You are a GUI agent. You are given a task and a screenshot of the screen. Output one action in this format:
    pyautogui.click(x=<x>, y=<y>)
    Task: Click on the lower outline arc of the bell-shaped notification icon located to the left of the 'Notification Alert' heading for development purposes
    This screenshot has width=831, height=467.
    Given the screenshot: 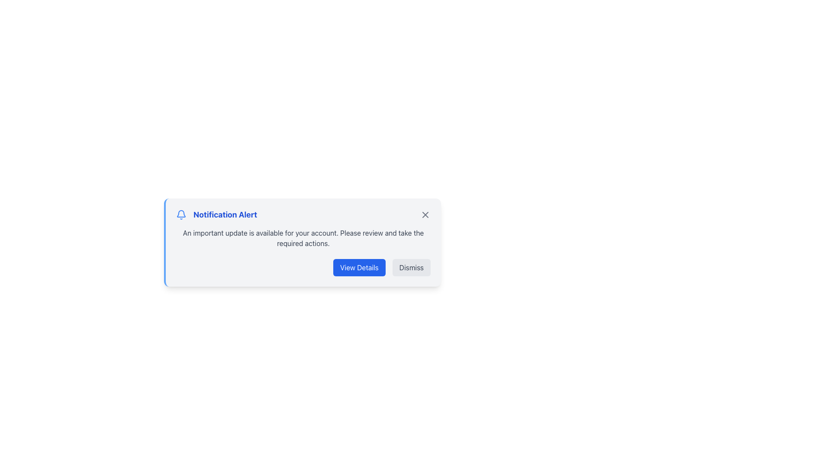 What is the action you would take?
    pyautogui.click(x=180, y=214)
    